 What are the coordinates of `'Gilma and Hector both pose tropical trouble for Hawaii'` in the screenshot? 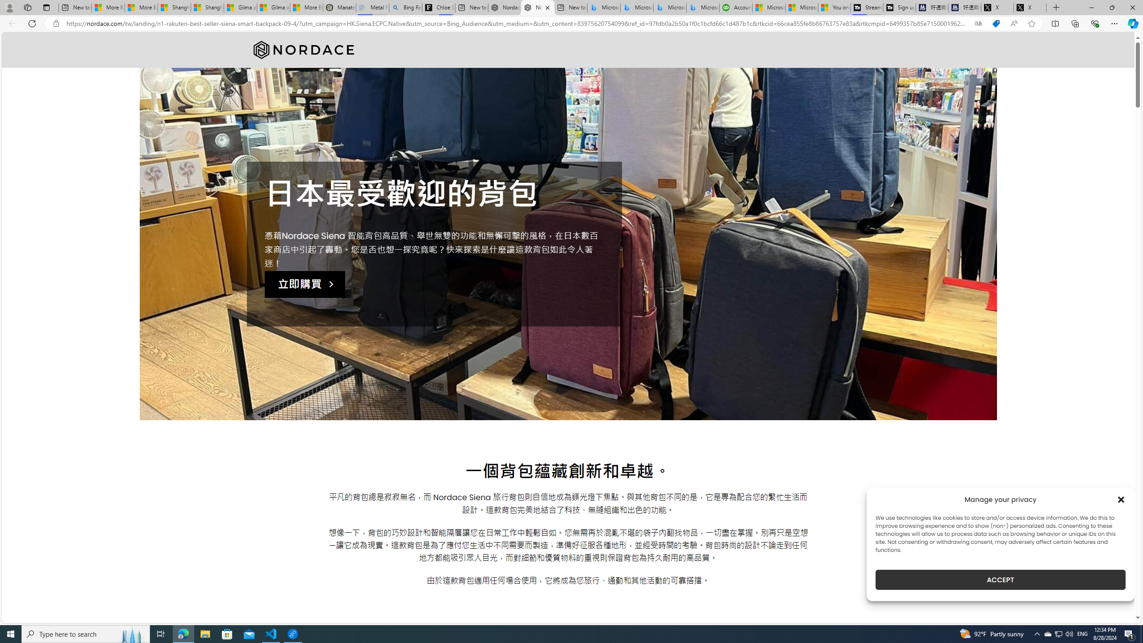 It's located at (273, 7).